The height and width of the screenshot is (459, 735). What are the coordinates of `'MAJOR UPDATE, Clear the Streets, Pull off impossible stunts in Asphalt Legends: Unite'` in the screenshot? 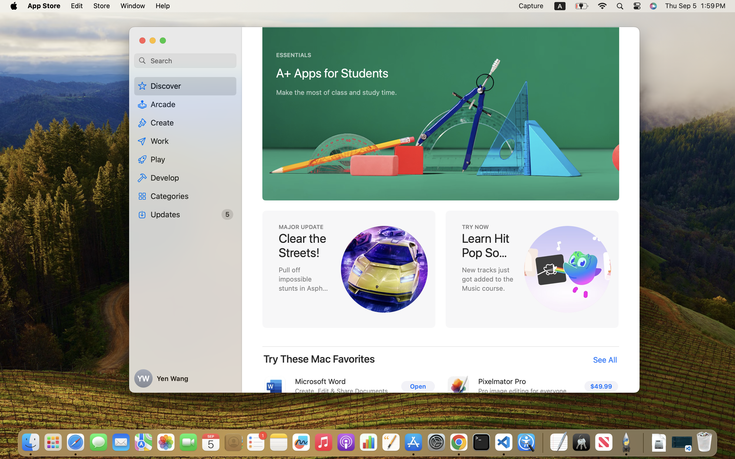 It's located at (349, 269).